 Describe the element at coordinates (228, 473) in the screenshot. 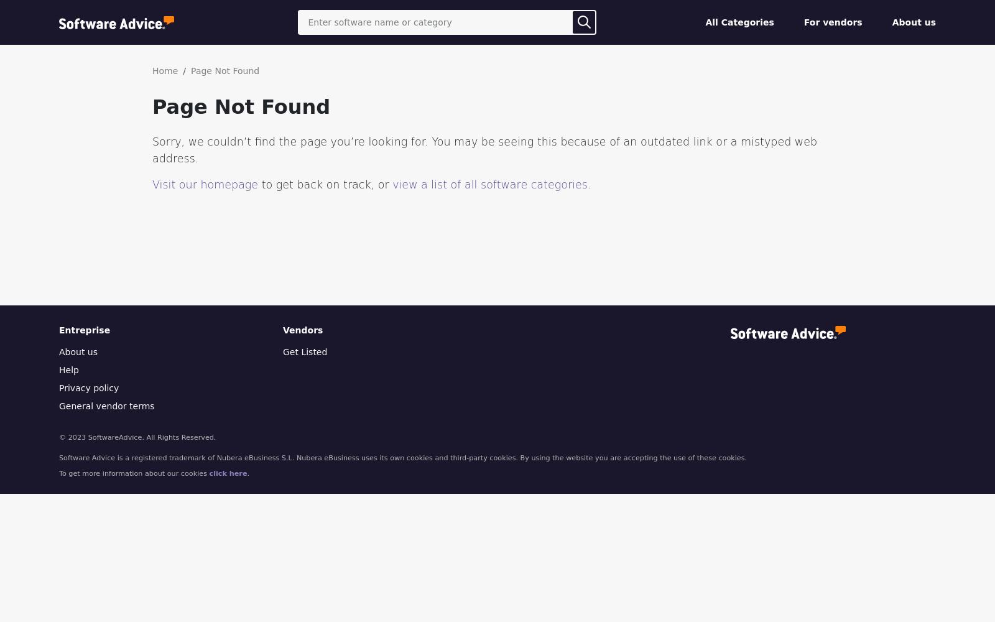

I see `'click here'` at that location.